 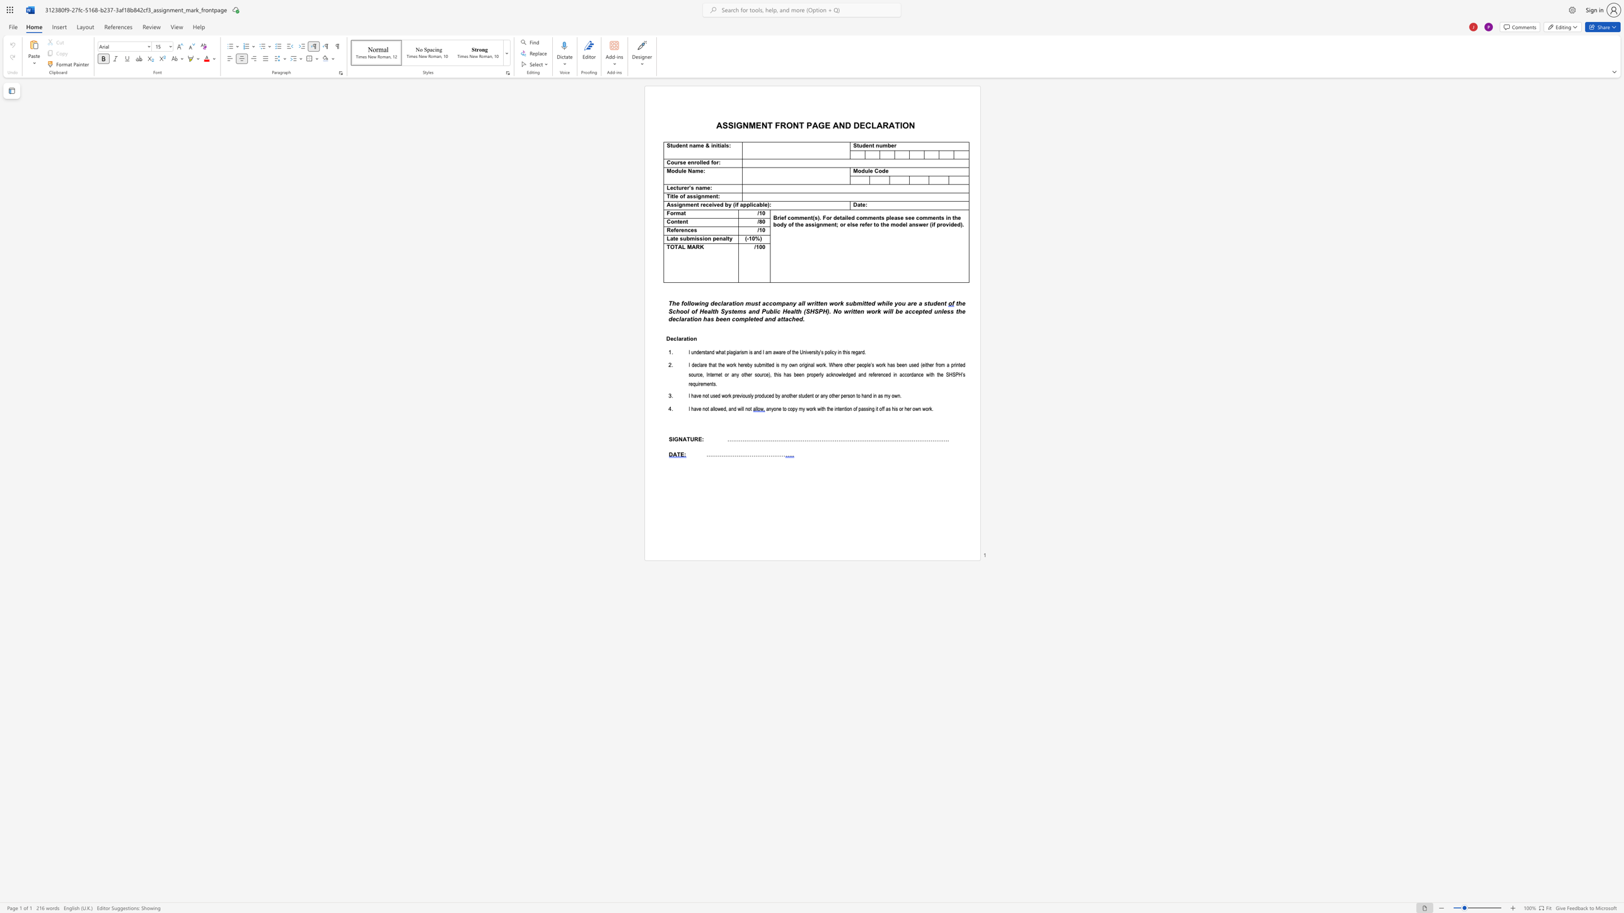 I want to click on the subset text "ssion penal" within the text "Late submission penalty", so click(x=696, y=238).